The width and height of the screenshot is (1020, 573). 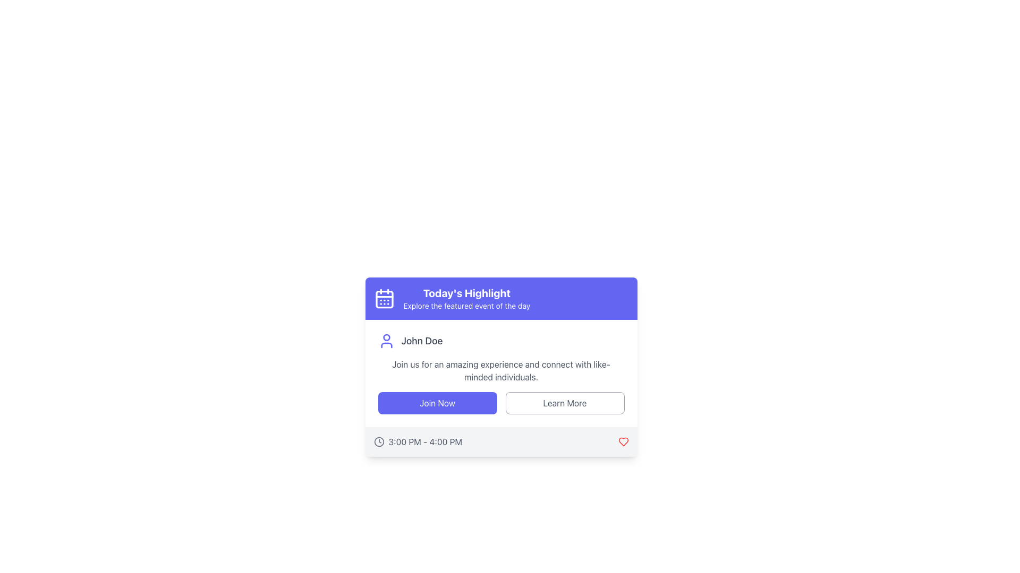 What do you see at coordinates (466, 306) in the screenshot?
I see `the Text Label displaying 'Explore the featured event of the day', which is positioned below the heading 'Today's Highlight' and has a blue background` at bounding box center [466, 306].